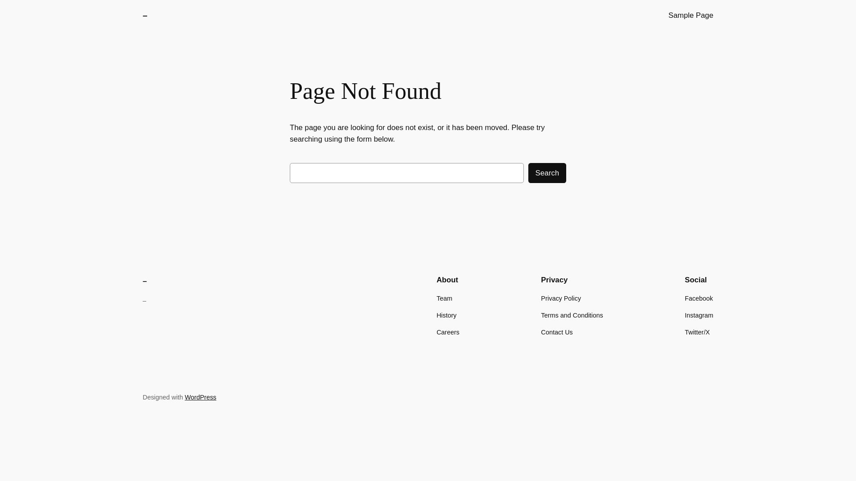 The height and width of the screenshot is (481, 856). I want to click on 'History', so click(446, 315).